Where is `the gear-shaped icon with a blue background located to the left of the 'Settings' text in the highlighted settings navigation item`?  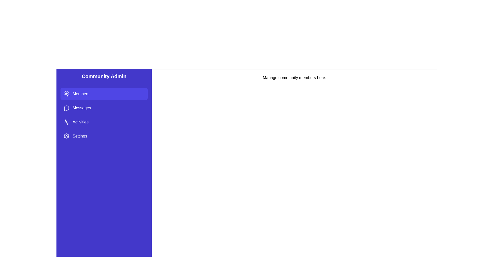 the gear-shaped icon with a blue background located to the left of the 'Settings' text in the highlighted settings navigation item is located at coordinates (66, 136).